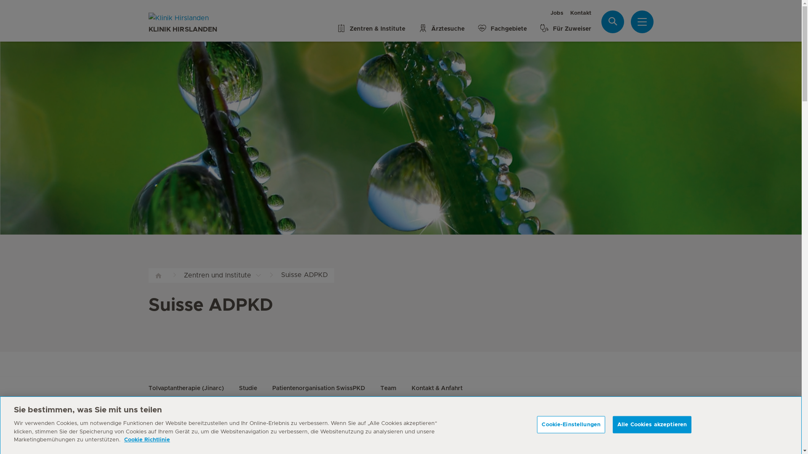 The image size is (808, 454). Describe the element at coordinates (238, 389) in the screenshot. I see `'Studie'` at that location.